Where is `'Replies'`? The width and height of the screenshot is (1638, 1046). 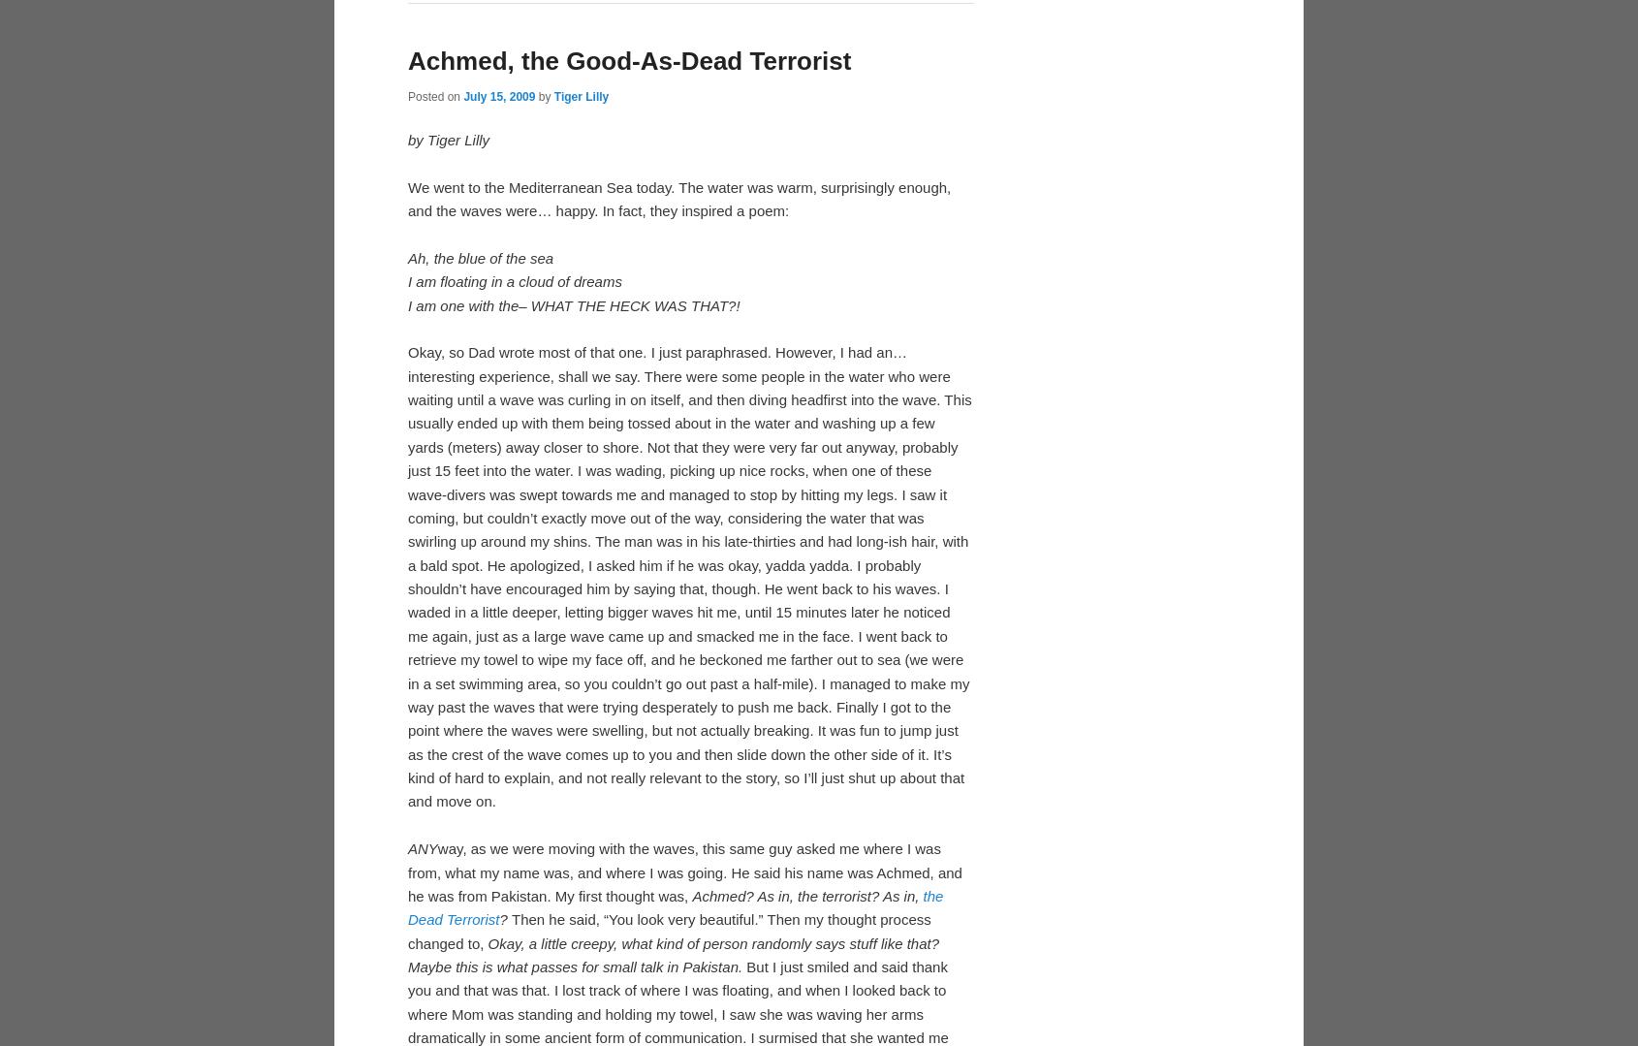
'Replies' is located at coordinates (743, 285).